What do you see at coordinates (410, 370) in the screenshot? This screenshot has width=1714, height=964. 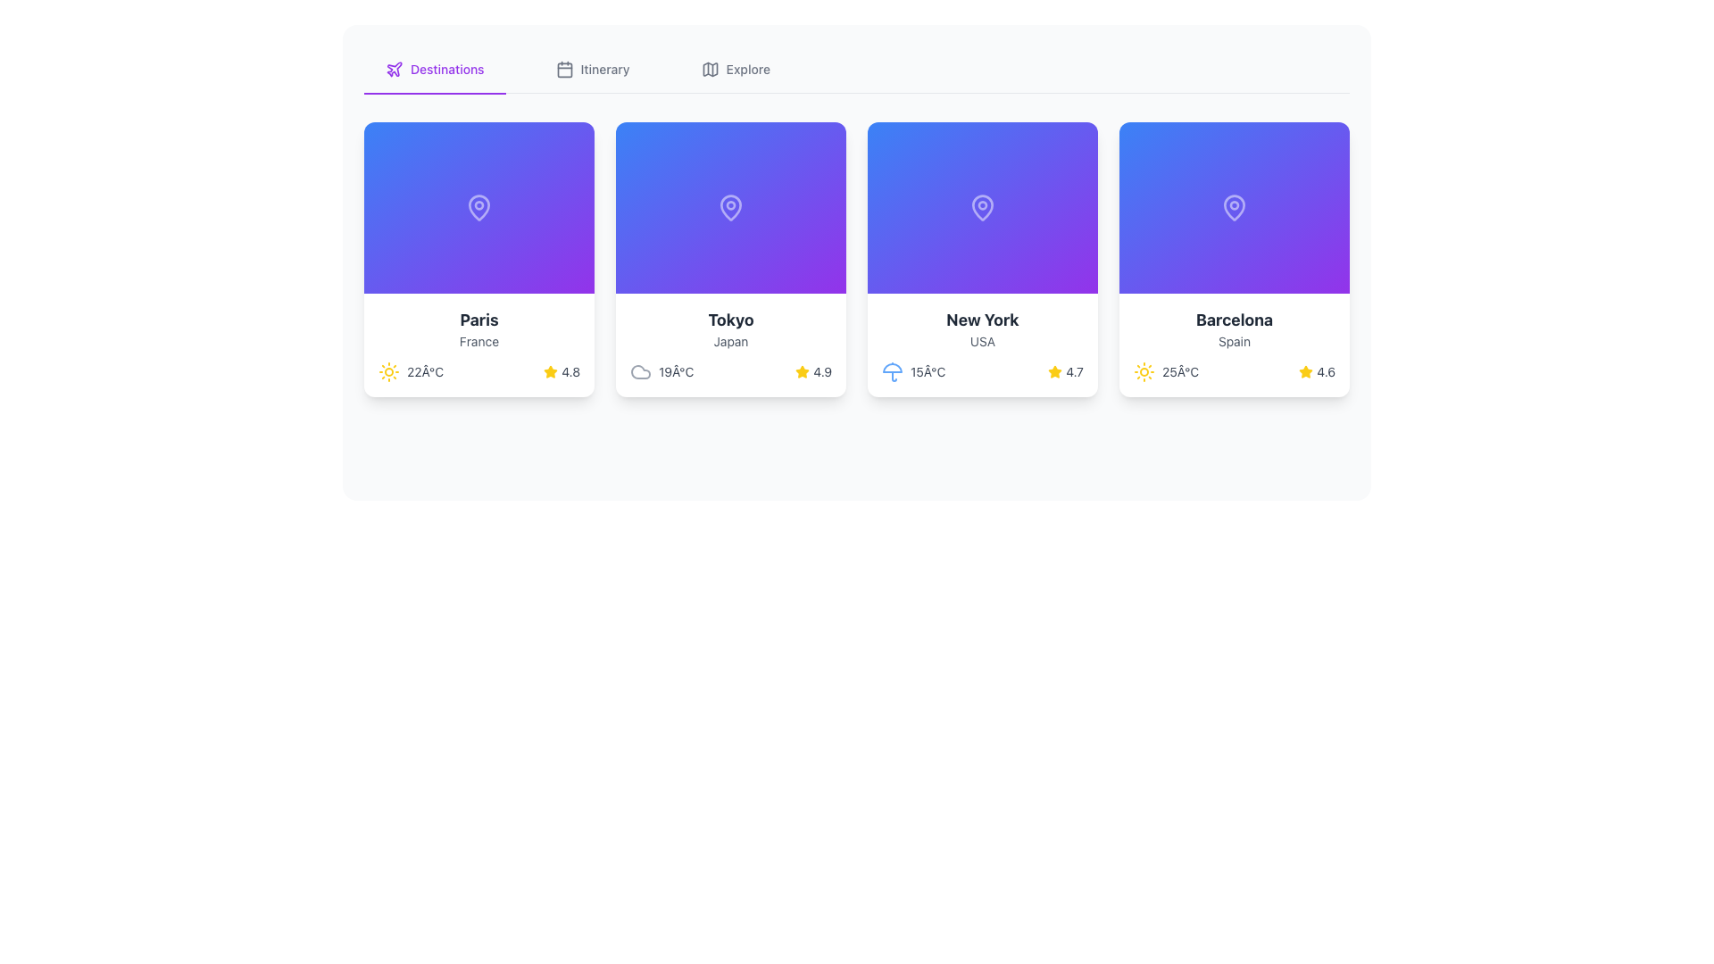 I see `the weather summary component displaying a yellow sun icon and '22°C' text located at the bottom-left corner of the card for 'Paris, France'` at bounding box center [410, 370].